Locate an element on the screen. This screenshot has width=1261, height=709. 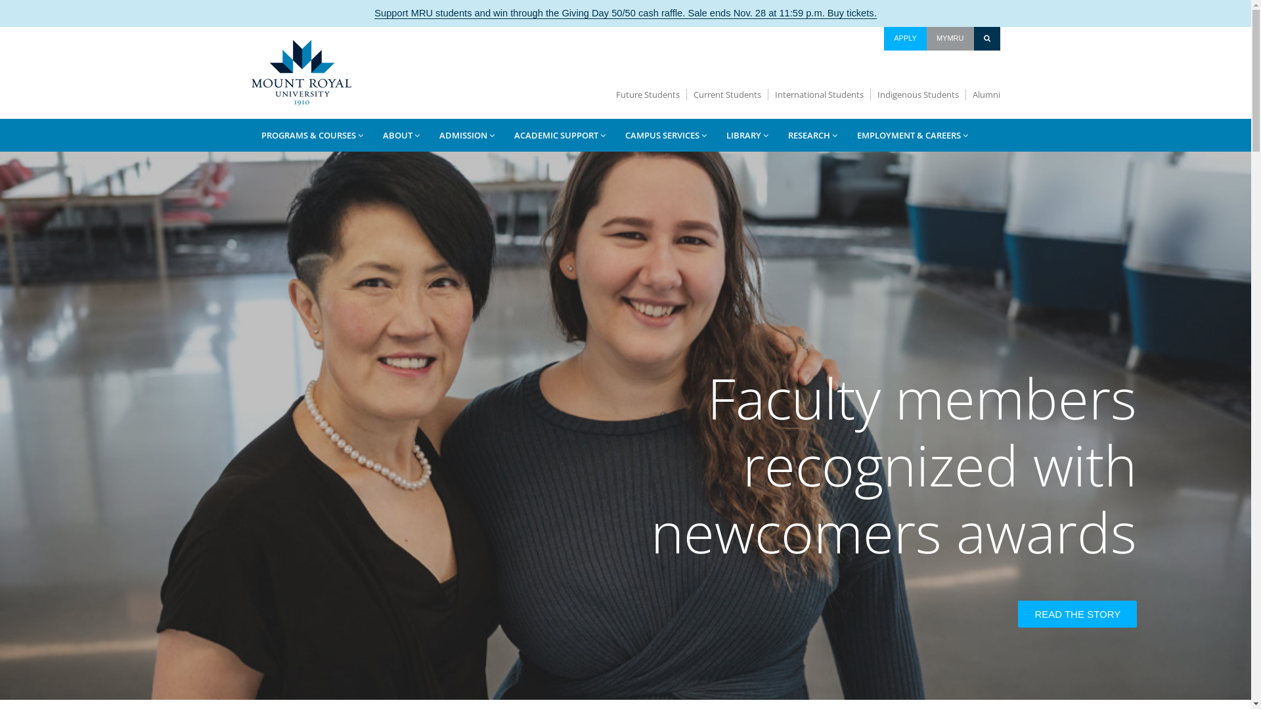
'EMPLOYMENT & CAREERS' is located at coordinates (912, 135).